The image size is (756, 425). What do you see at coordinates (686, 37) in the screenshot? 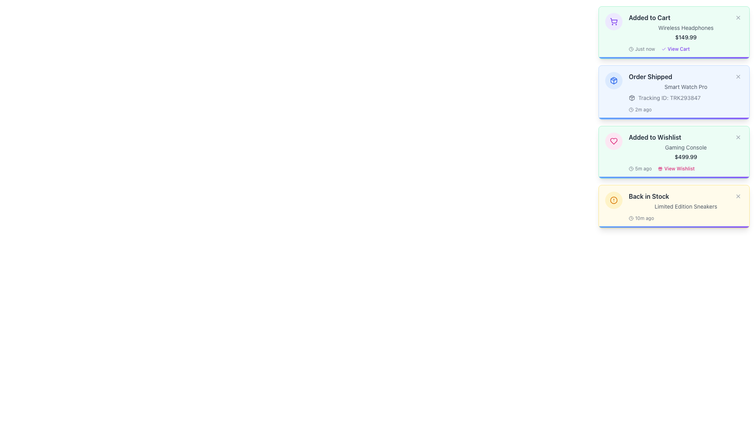
I see `the text label displaying the price of 'Wireless Headphones' in the notification card labeled 'Added to Cart'` at bounding box center [686, 37].